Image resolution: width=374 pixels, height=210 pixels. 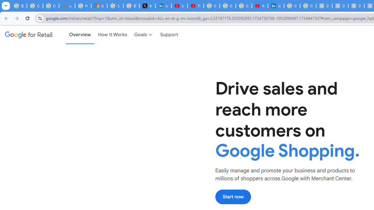 I want to click on 'support.google.com - Network error', so click(x=67, y=6).